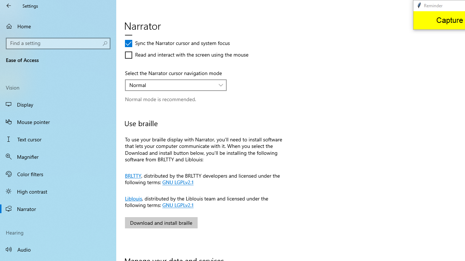  What do you see at coordinates (177, 43) in the screenshot?
I see `'Sync the Narrator cursor and system focus'` at bounding box center [177, 43].